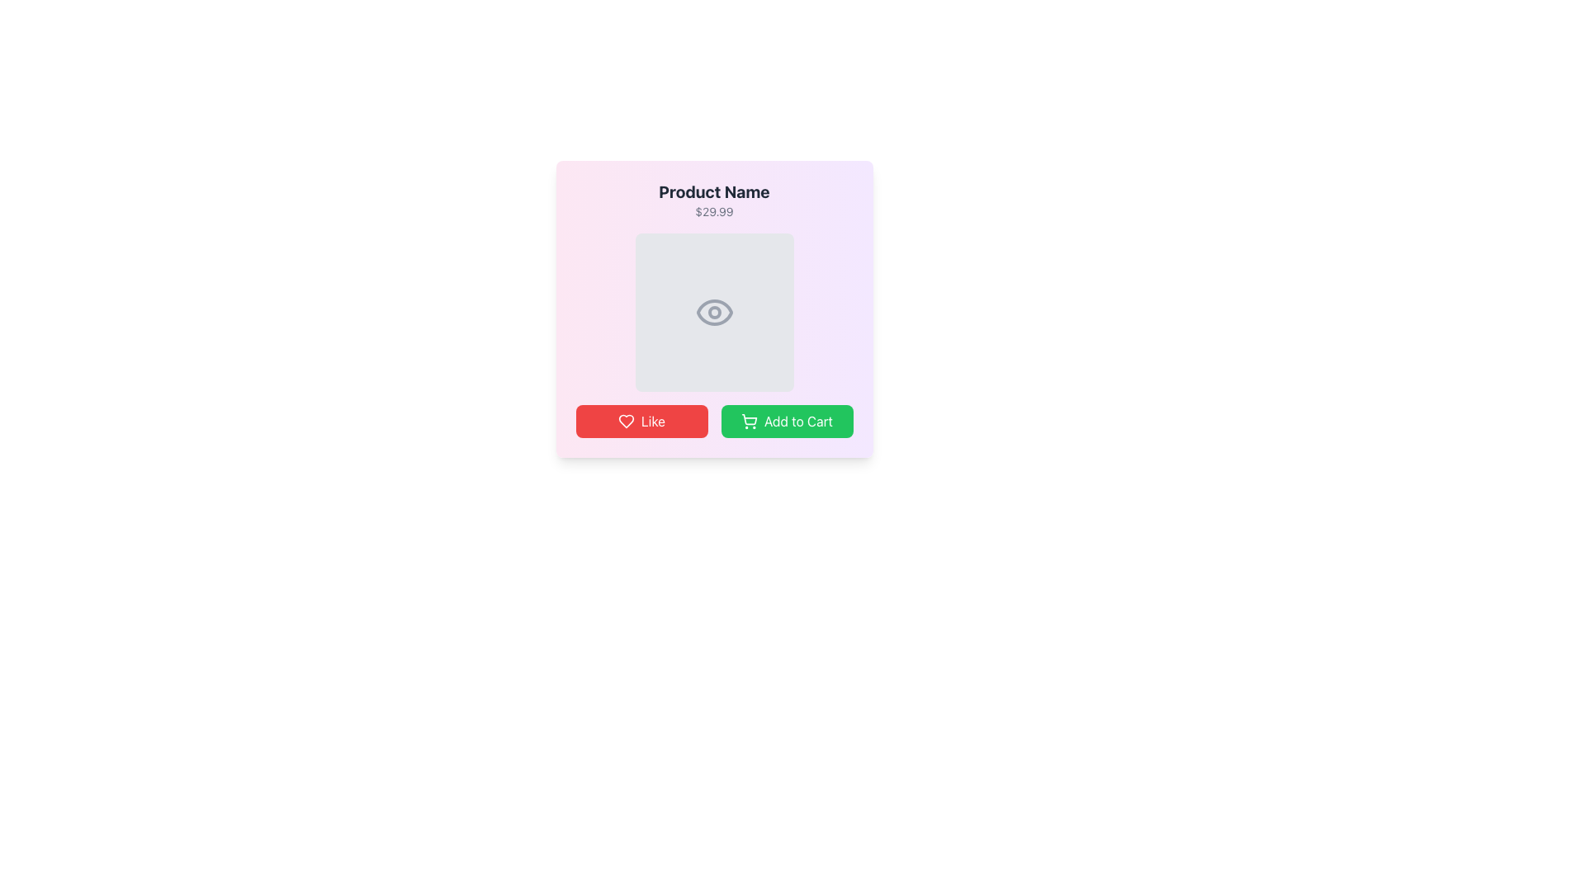  I want to click on the 'Like' text label element, which is styled with a light font and white color, positioned inside a red rectangular button and aligned to the right of a heart icon, so click(652, 420).